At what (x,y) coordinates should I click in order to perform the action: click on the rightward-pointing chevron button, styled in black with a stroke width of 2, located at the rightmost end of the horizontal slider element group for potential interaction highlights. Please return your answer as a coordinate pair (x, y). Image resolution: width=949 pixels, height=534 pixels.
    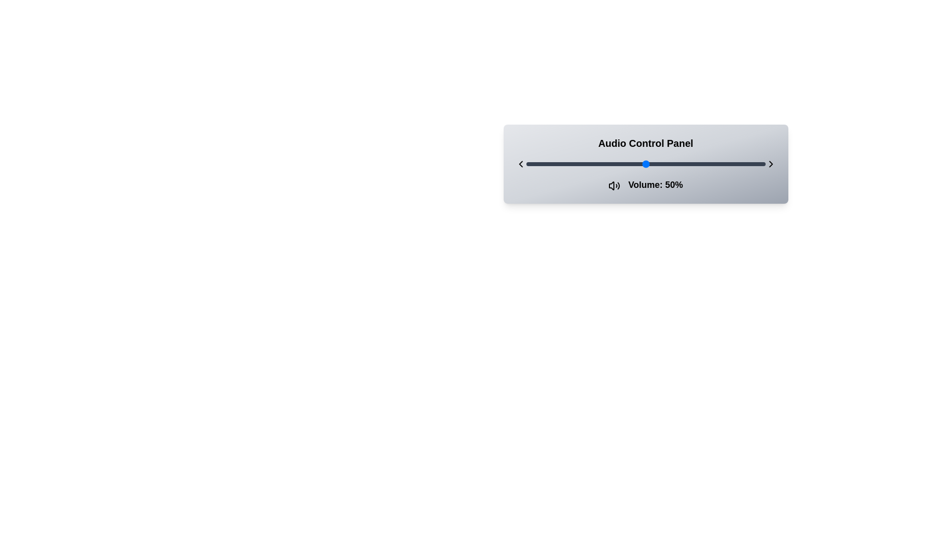
    Looking at the image, I should click on (770, 163).